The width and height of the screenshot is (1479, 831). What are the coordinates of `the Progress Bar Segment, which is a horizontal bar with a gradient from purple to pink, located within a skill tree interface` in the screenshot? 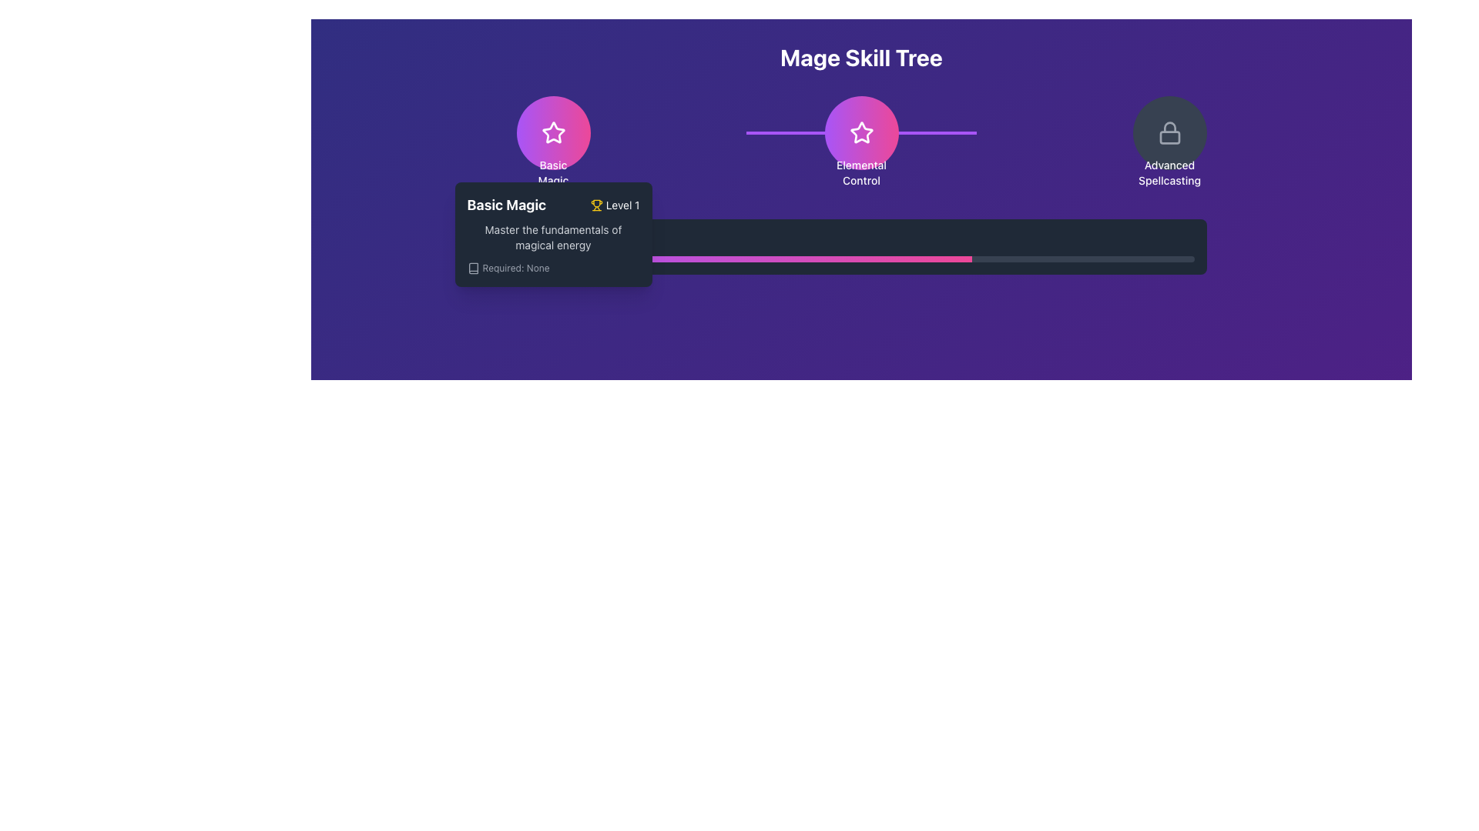 It's located at (750, 258).